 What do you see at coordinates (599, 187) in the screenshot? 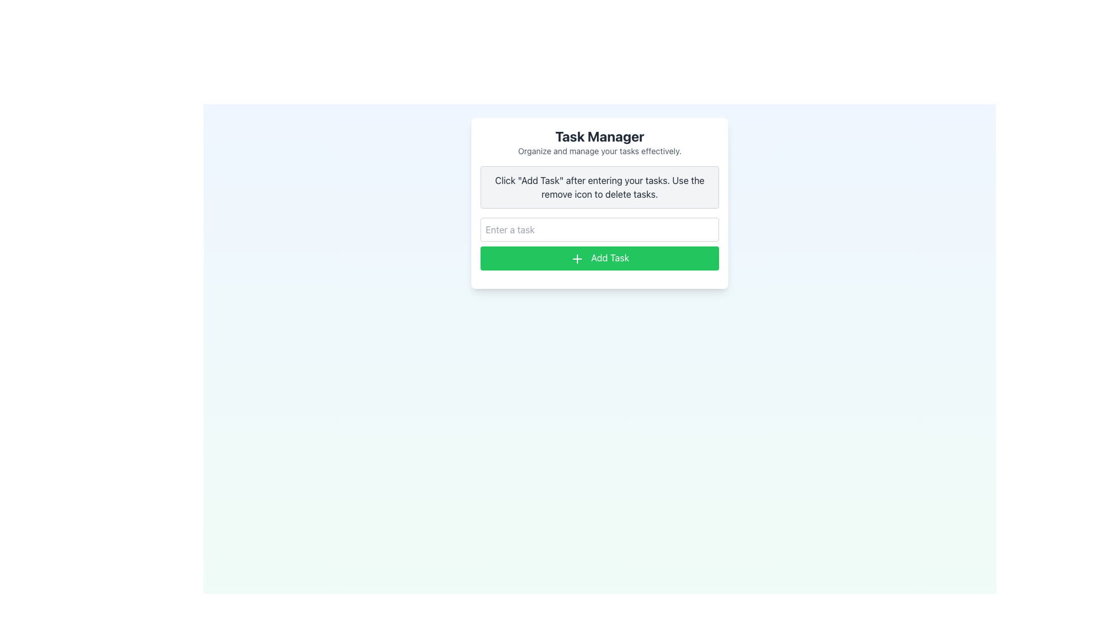
I see `the static text block that provides instructions about adding and removing tasks, located below the 'Task Manager' title` at bounding box center [599, 187].